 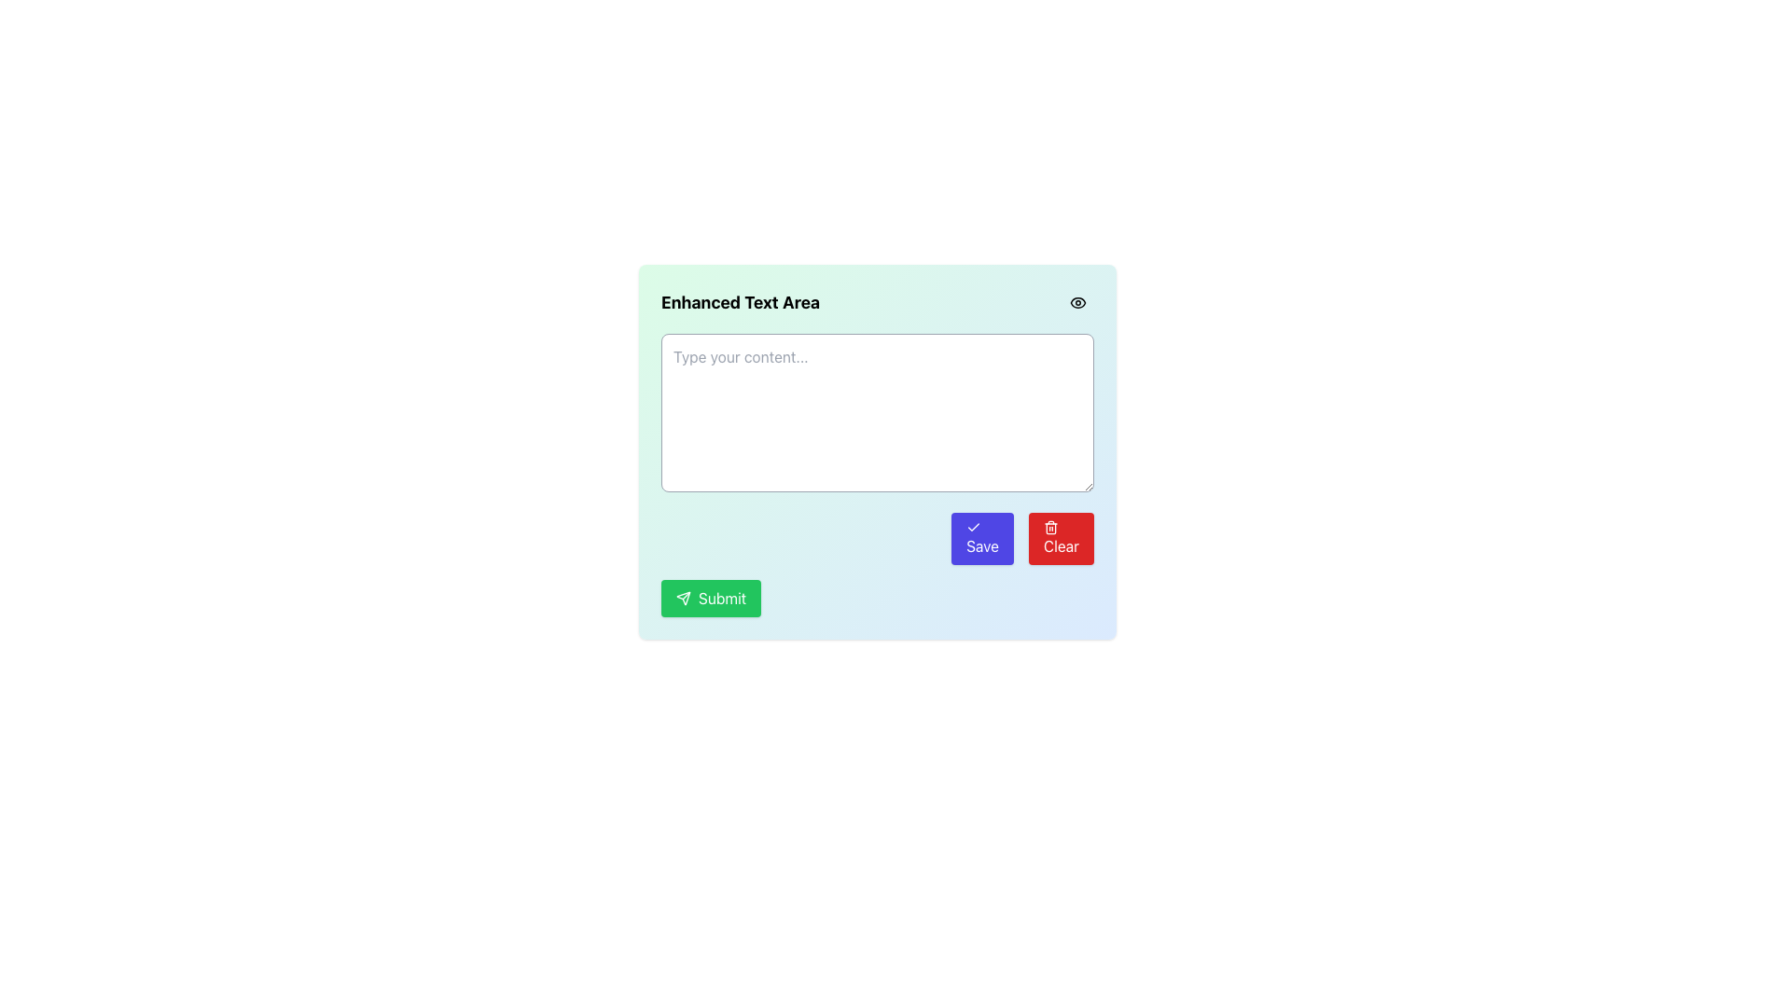 What do you see at coordinates (683, 598) in the screenshot?
I see `the submission icon located within the 'Submit' button, which is represented by a green background and is accompanied by the text 'Submit'` at bounding box center [683, 598].